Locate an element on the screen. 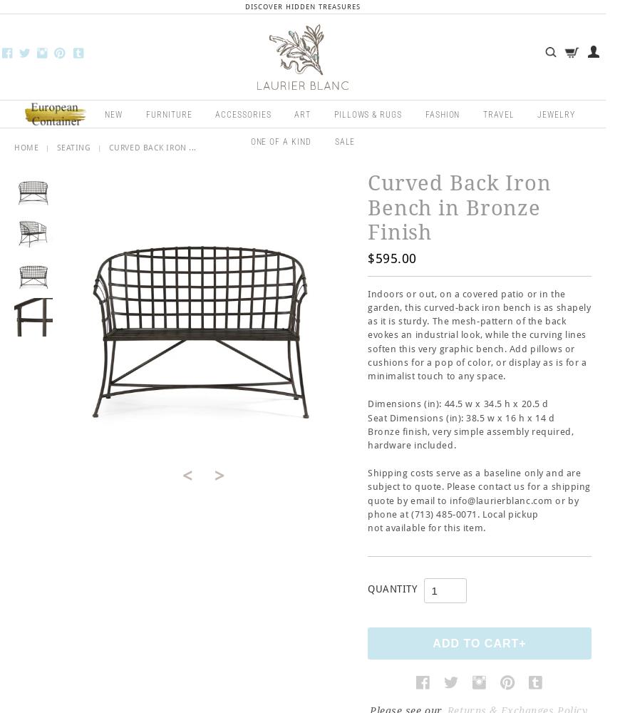  'Furniture' is located at coordinates (168, 114).